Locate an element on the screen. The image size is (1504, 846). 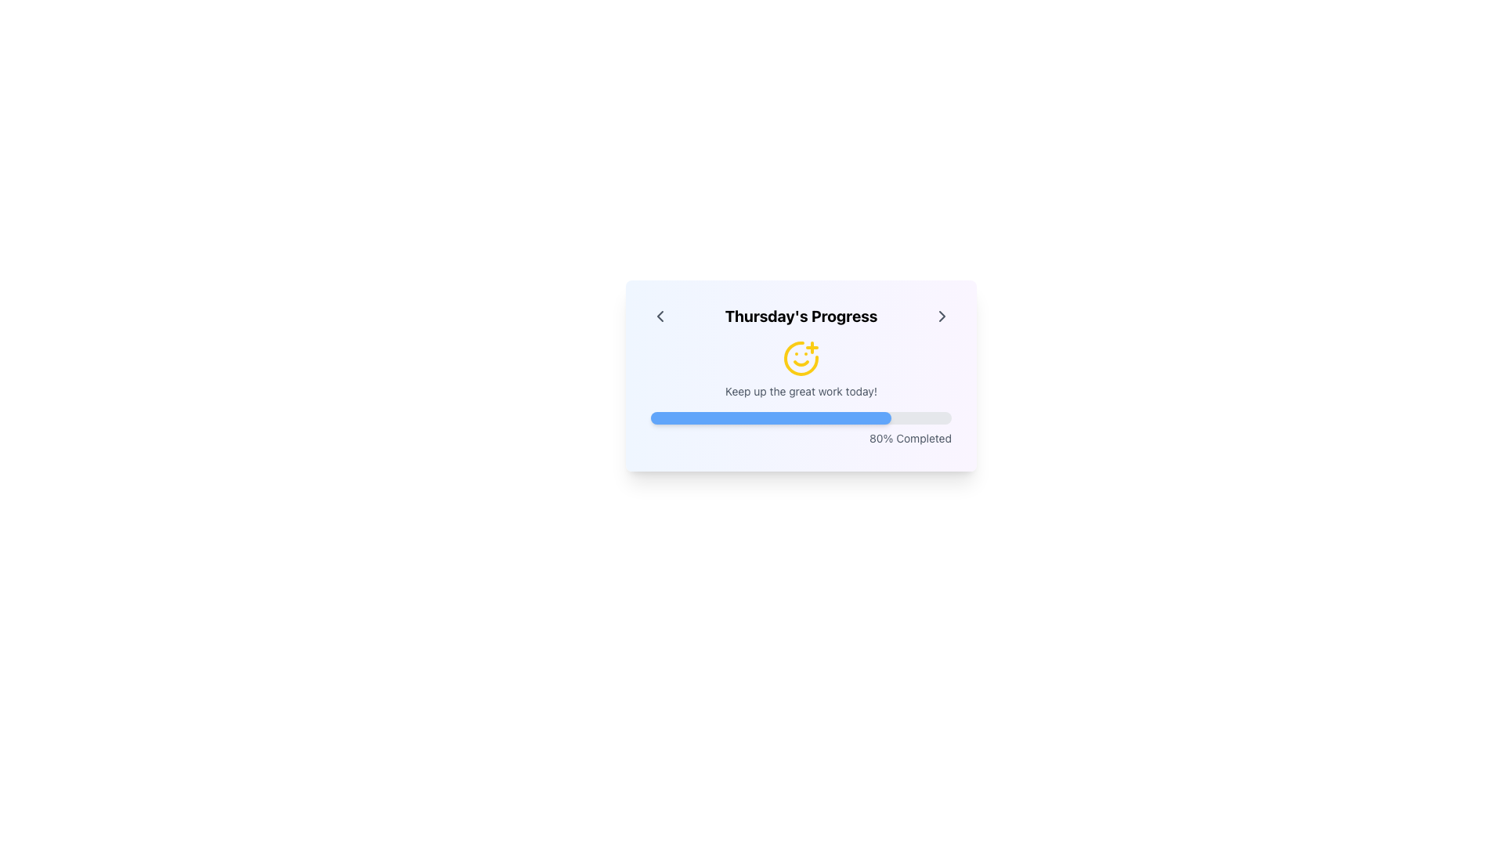
the encouragement icon located centrally below 'Thursday's Progress' and above 'Keep up the great work today!' is located at coordinates (801, 359).